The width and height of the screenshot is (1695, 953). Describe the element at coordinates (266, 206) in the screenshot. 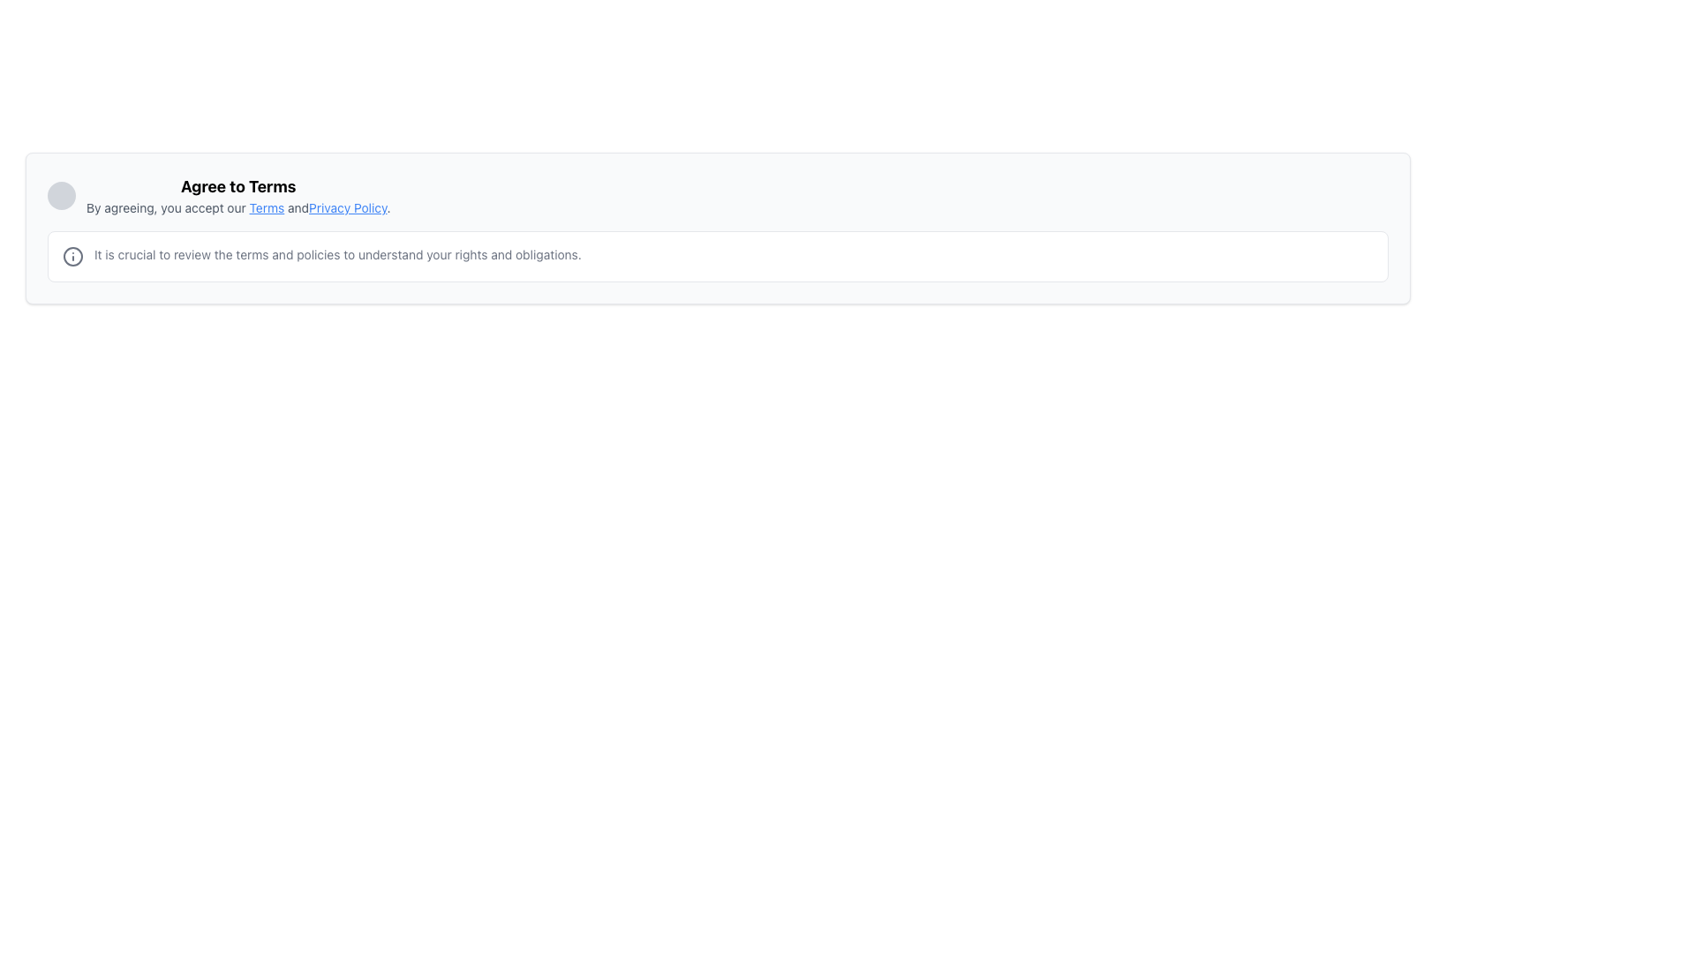

I see `the 'Terms' hyperlink, which is styled in blue and underlined` at that location.